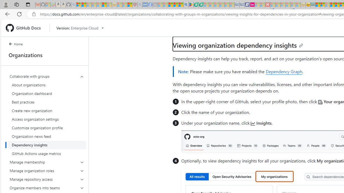 This screenshot has width=344, height=193. I want to click on 'Manage organization roles', so click(47, 170).